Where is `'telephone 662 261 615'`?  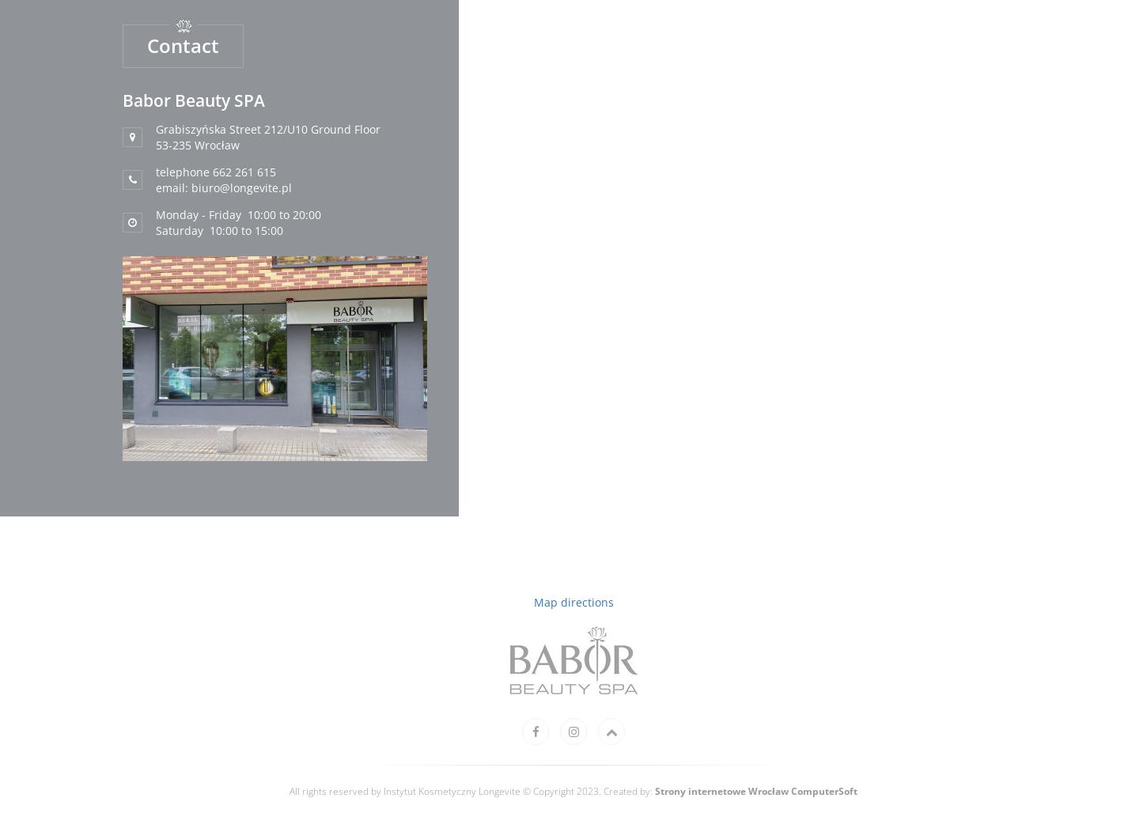 'telephone 662 261 615' is located at coordinates (216, 170).